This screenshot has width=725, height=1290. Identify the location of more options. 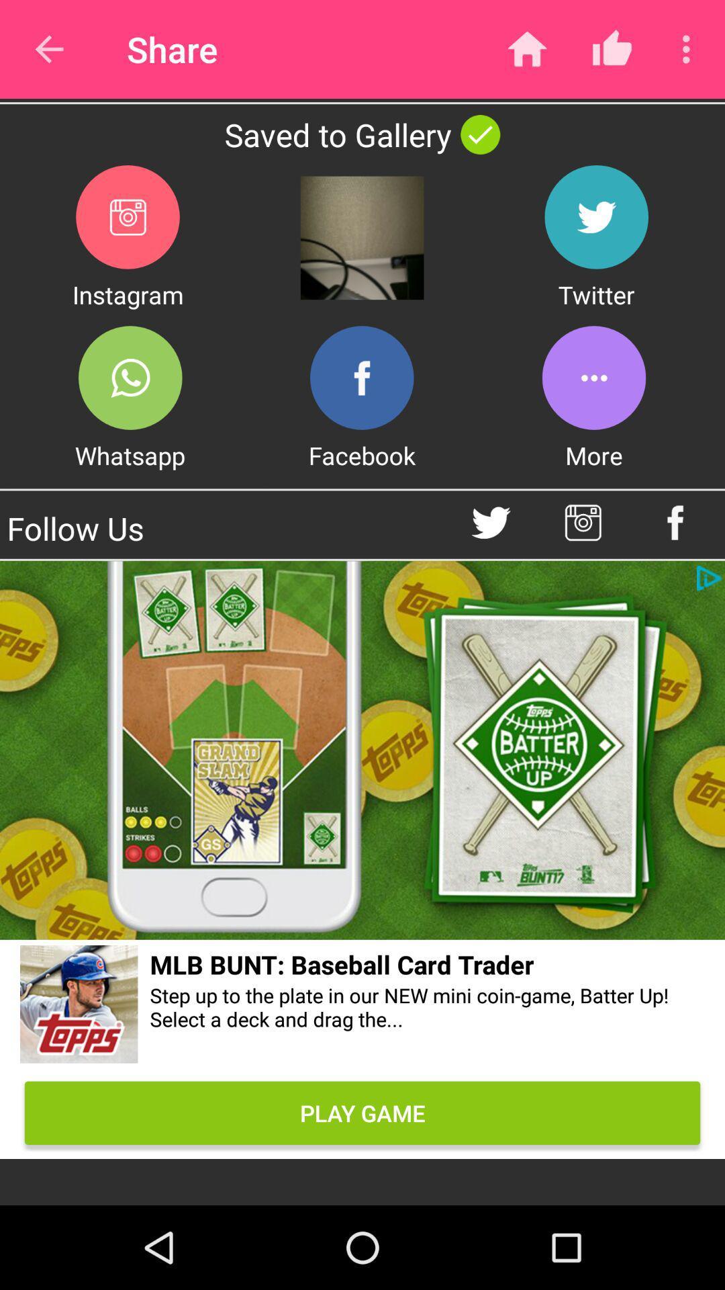
(593, 377).